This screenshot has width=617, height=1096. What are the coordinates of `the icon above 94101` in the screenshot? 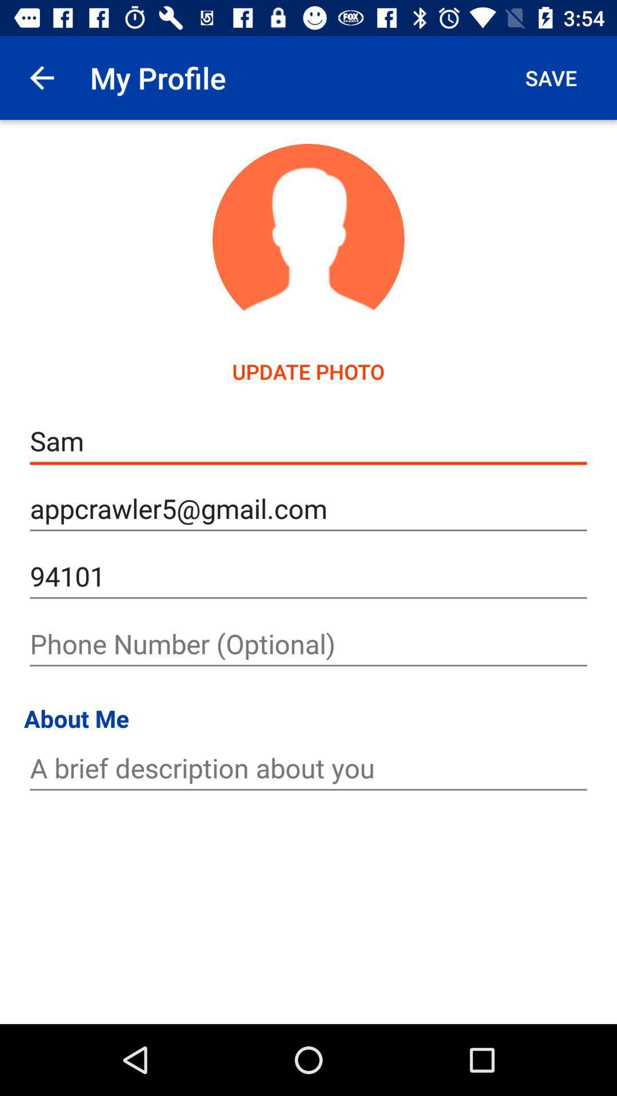 It's located at (308, 508).